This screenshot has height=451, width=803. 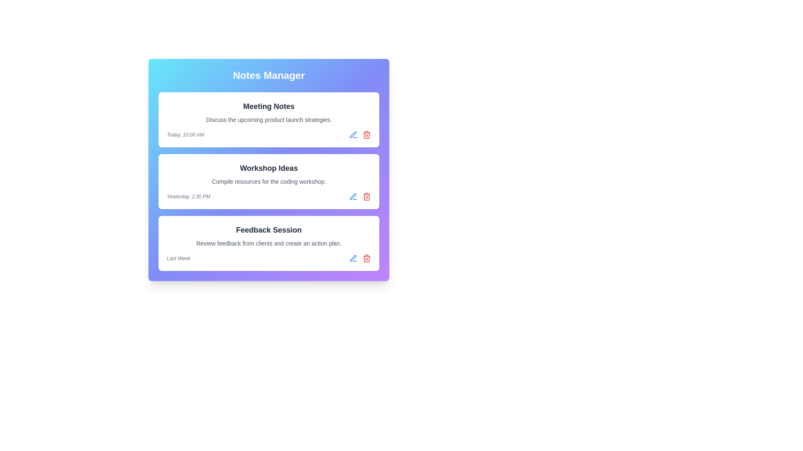 What do you see at coordinates (353, 134) in the screenshot?
I see `the edit icon for the note titled 'Meeting Notes'` at bounding box center [353, 134].